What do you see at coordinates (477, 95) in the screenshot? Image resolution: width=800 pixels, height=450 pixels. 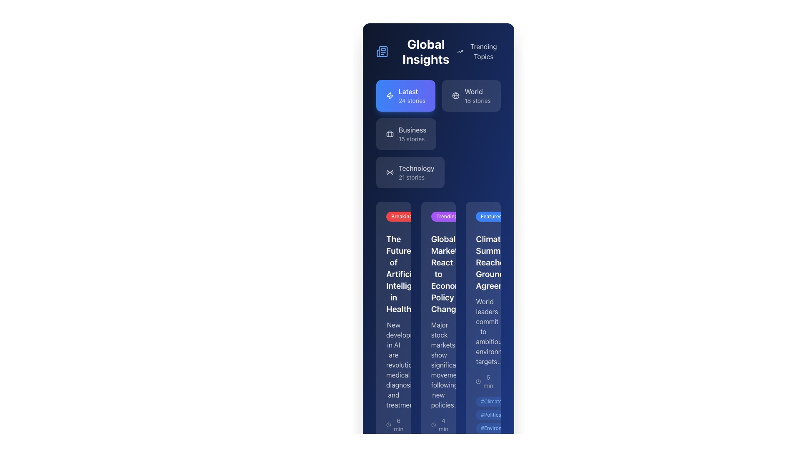 I see `the 'World' navigation button text block` at bounding box center [477, 95].